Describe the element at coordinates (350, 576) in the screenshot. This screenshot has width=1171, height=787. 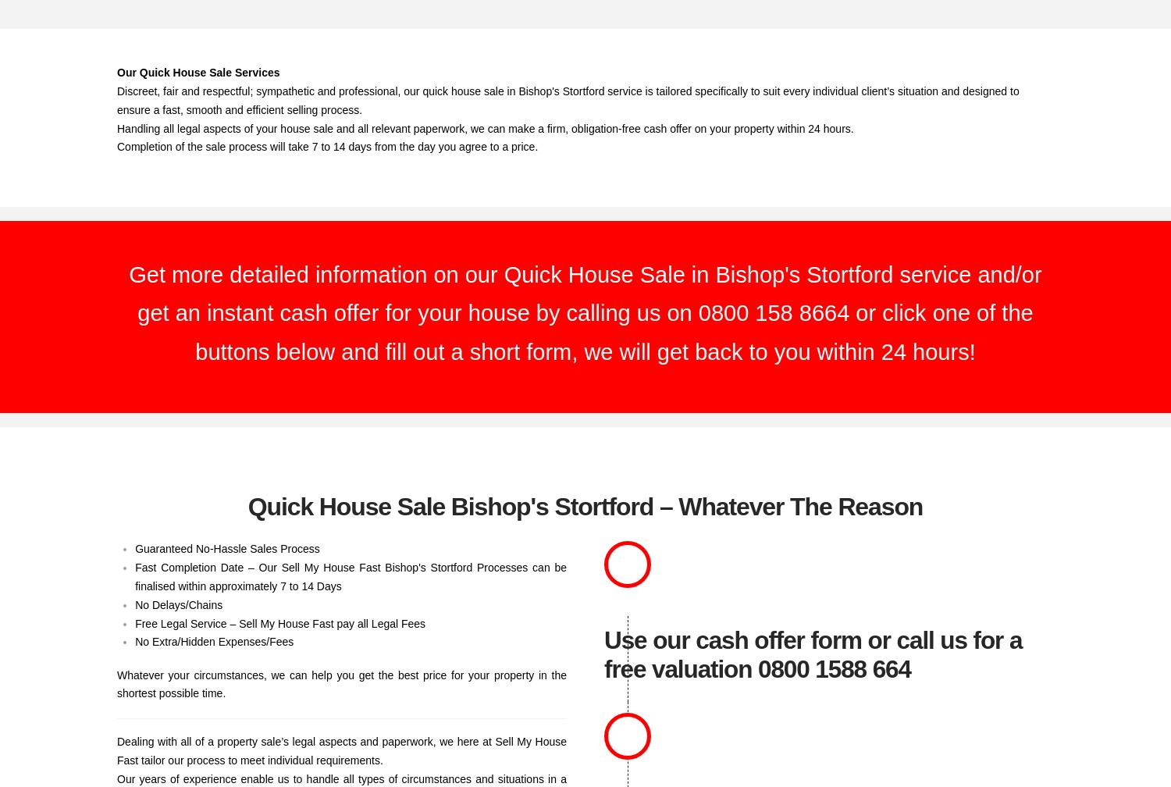
I see `'Fast Completion Date – Our Sell My House Fast Bishop's Stortford Processes can be finalised within approximately 7 to 14 Days'` at that location.